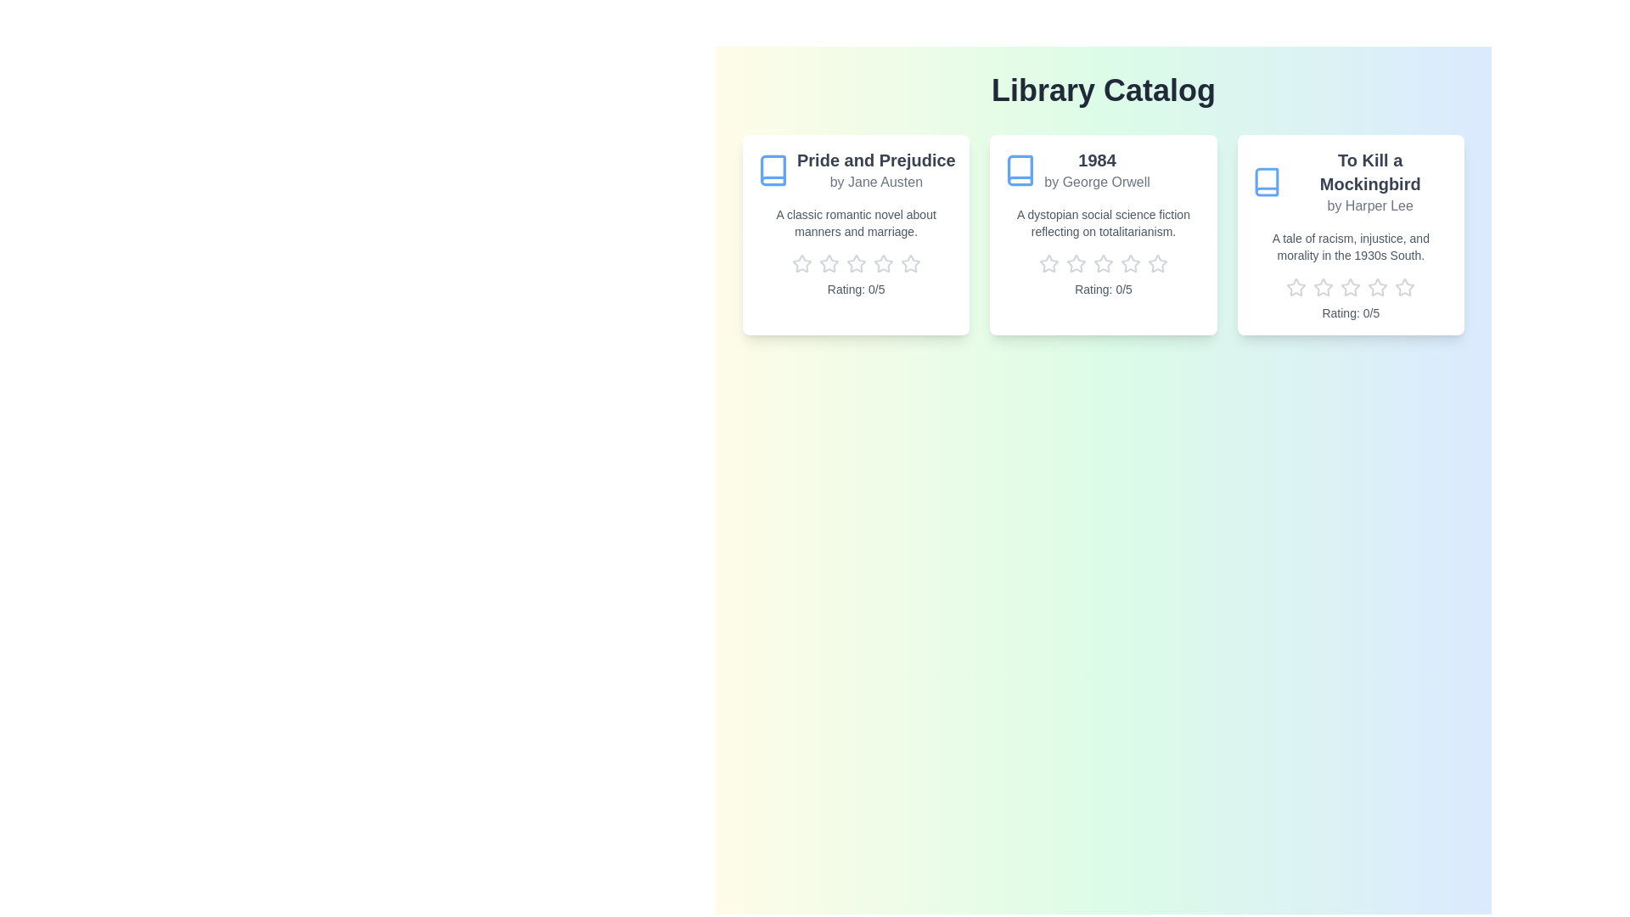 This screenshot has width=1630, height=917. What do you see at coordinates (1104, 264) in the screenshot?
I see `the rating of the book '1984' to 3 stars by clicking the corresponding star` at bounding box center [1104, 264].